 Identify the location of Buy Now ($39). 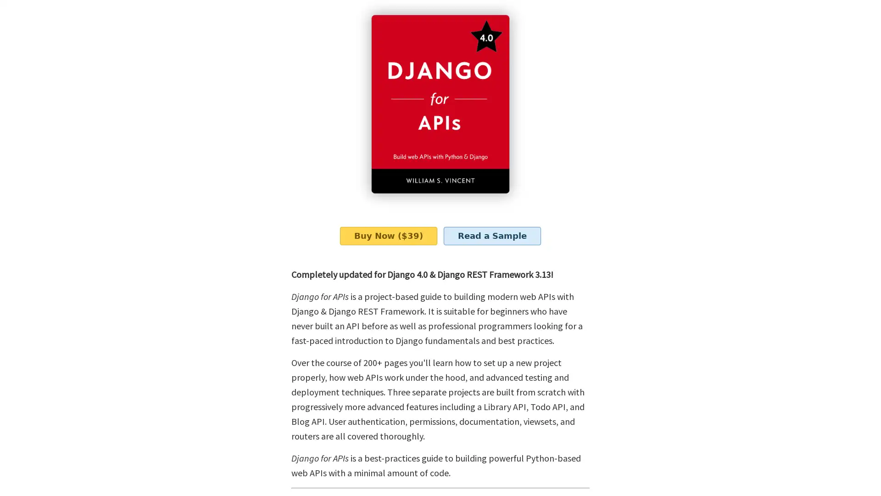
(388, 235).